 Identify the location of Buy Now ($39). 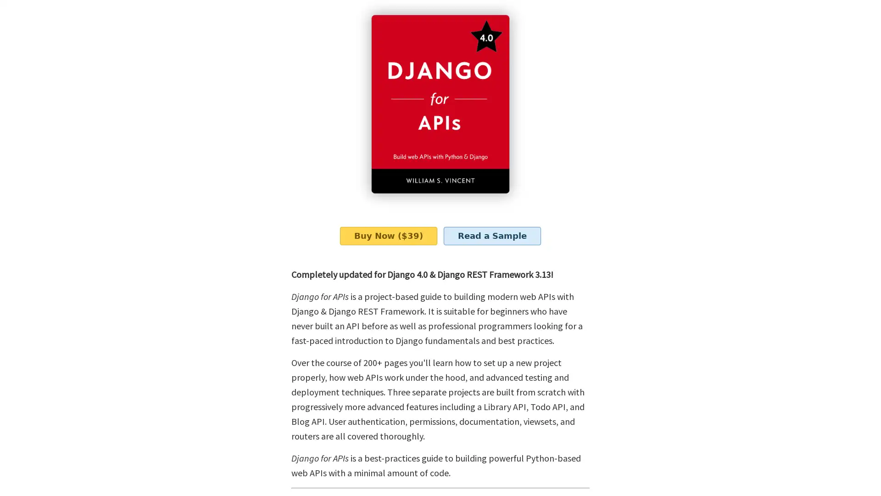
(388, 235).